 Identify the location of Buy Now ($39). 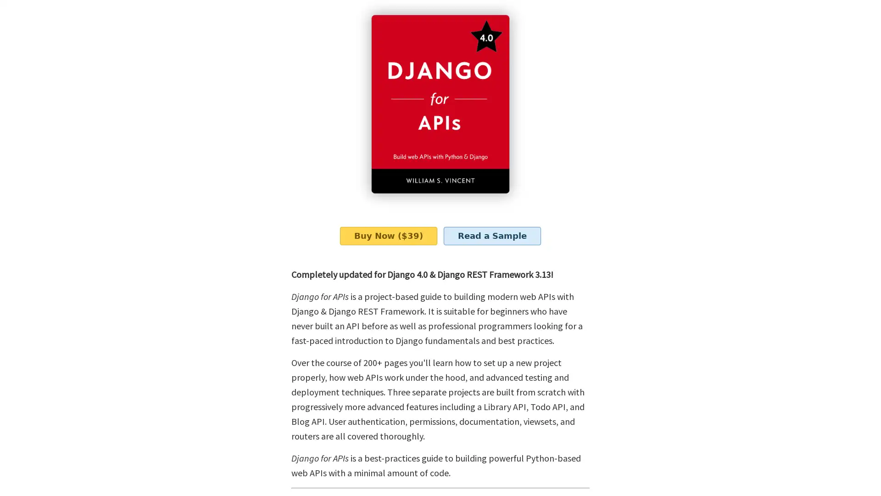
(388, 235).